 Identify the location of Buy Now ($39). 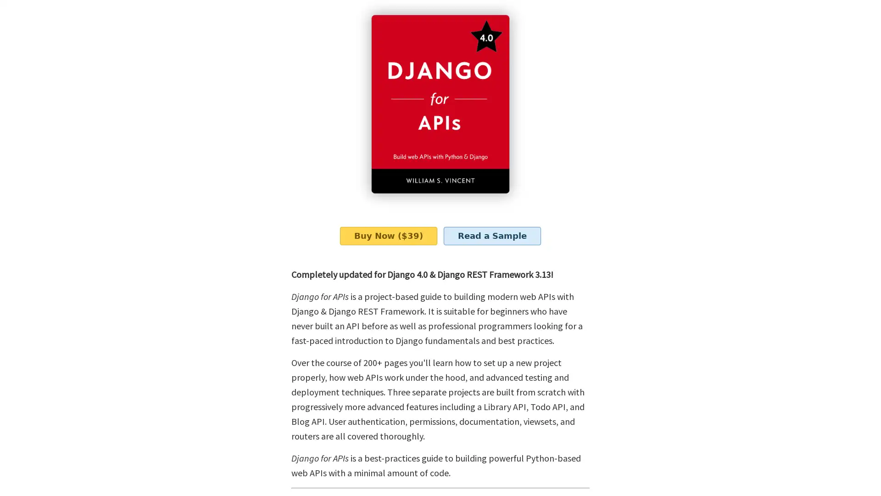
(388, 235).